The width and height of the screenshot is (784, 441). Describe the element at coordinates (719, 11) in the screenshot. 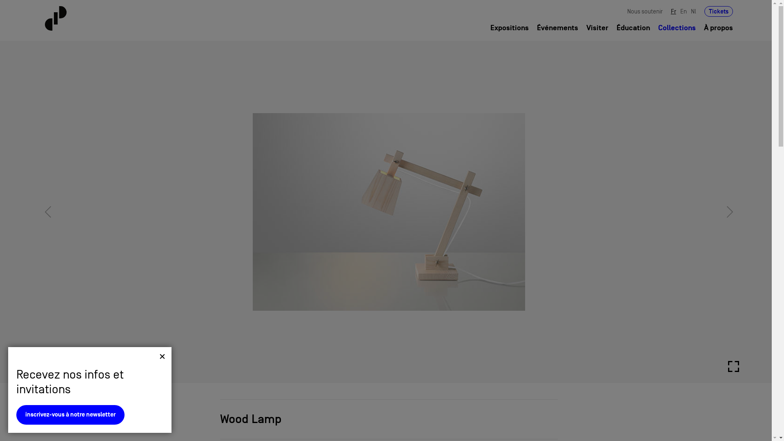

I see `'Tickets'` at that location.